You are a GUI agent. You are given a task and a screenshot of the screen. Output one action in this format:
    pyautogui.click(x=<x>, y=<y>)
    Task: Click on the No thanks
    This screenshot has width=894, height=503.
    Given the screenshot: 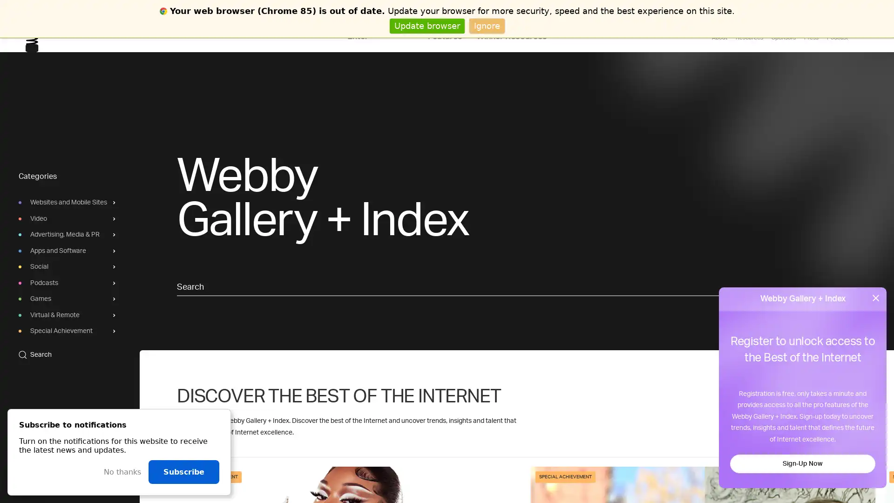 What is the action you would take?
    pyautogui.click(x=122, y=472)
    